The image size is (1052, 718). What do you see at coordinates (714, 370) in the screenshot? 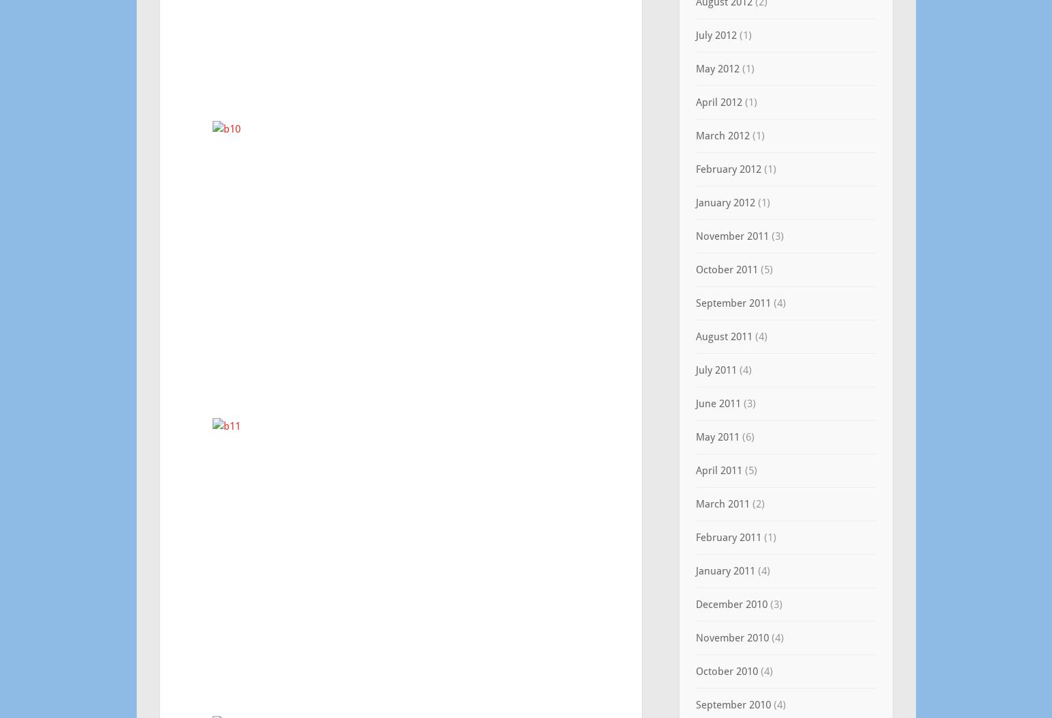
I see `'July 2011'` at bounding box center [714, 370].